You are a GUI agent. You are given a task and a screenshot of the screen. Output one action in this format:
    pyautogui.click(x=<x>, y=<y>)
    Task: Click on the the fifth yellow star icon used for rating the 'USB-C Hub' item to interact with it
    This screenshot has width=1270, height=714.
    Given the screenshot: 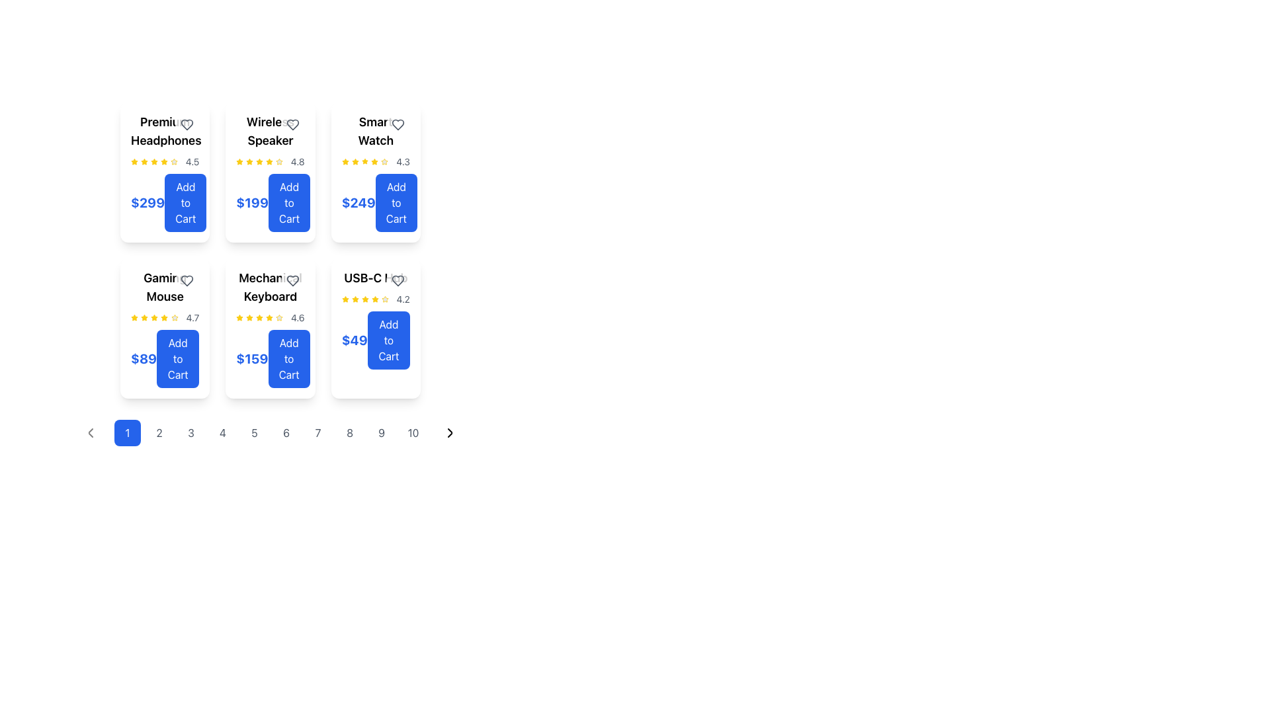 What is the action you would take?
    pyautogui.click(x=345, y=299)
    